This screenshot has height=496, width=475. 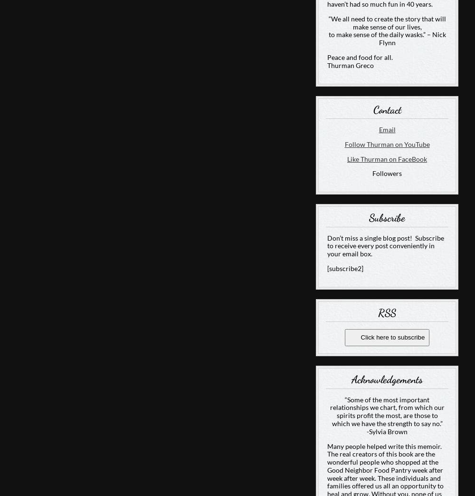 What do you see at coordinates (387, 217) in the screenshot?
I see `'Subscribe'` at bounding box center [387, 217].